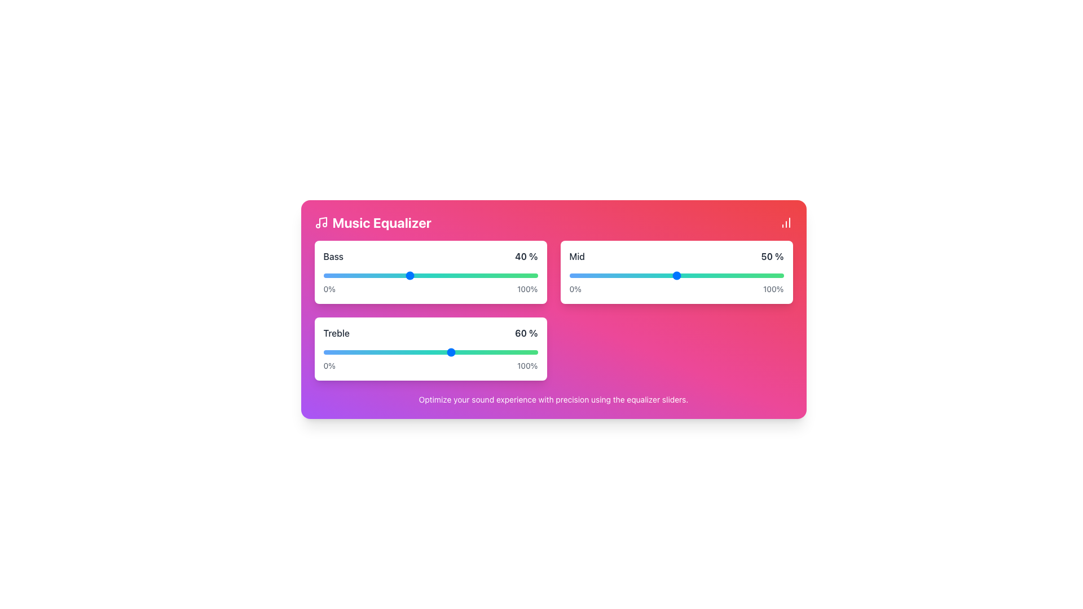  I want to click on the bass equalizer, so click(331, 276).